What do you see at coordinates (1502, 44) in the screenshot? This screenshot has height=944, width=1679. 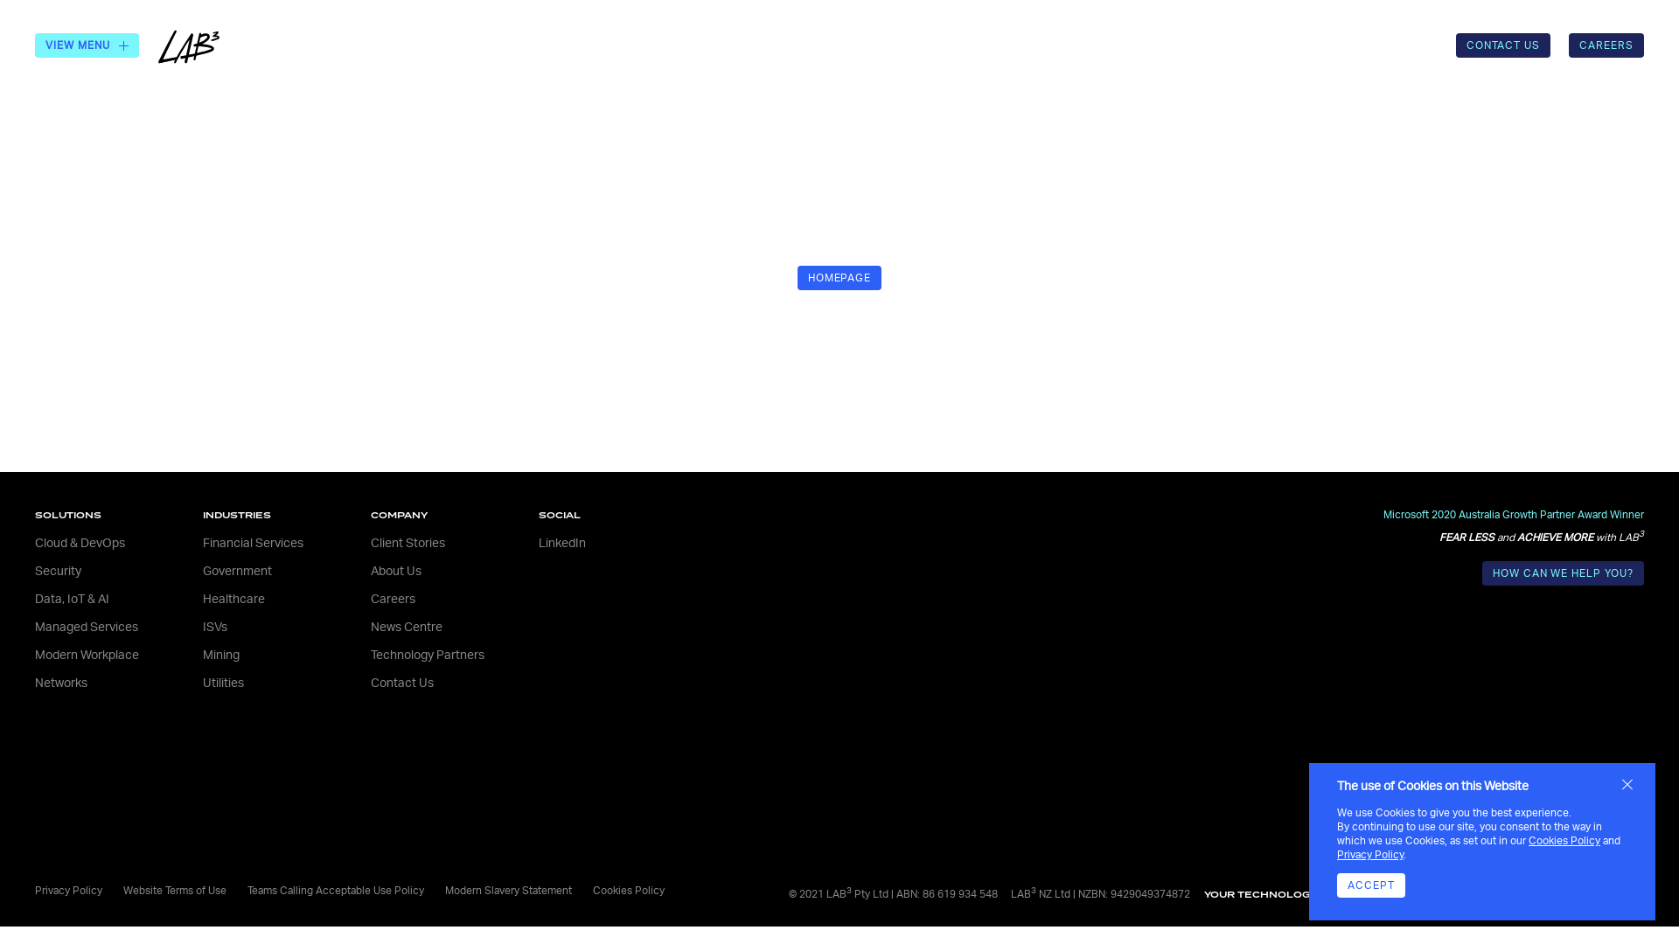 I see `'CONTACT US'` at bounding box center [1502, 44].